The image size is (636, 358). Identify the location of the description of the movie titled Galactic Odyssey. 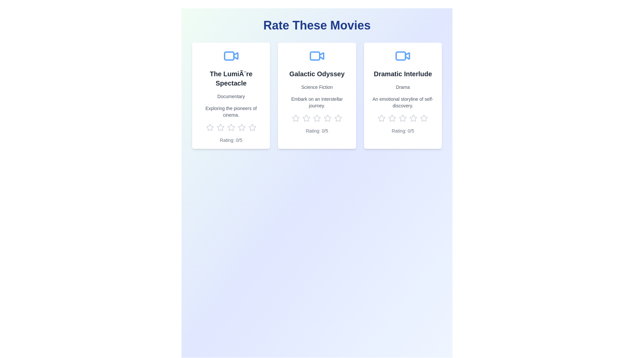
(316, 102).